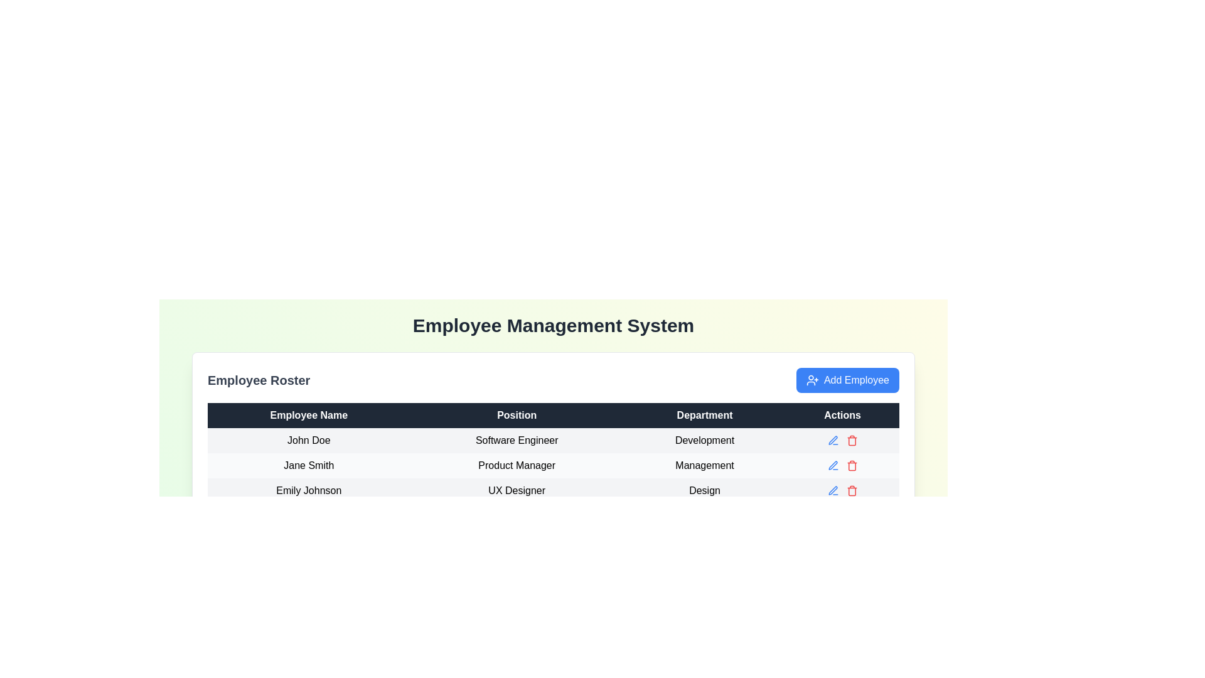 This screenshot has height=678, width=1205. I want to click on text element that displays 'Software Engineer' in the 'Position' column of the first row in the 'Employee Roster' table, located between 'John Doe' and 'Development', so click(517, 440).